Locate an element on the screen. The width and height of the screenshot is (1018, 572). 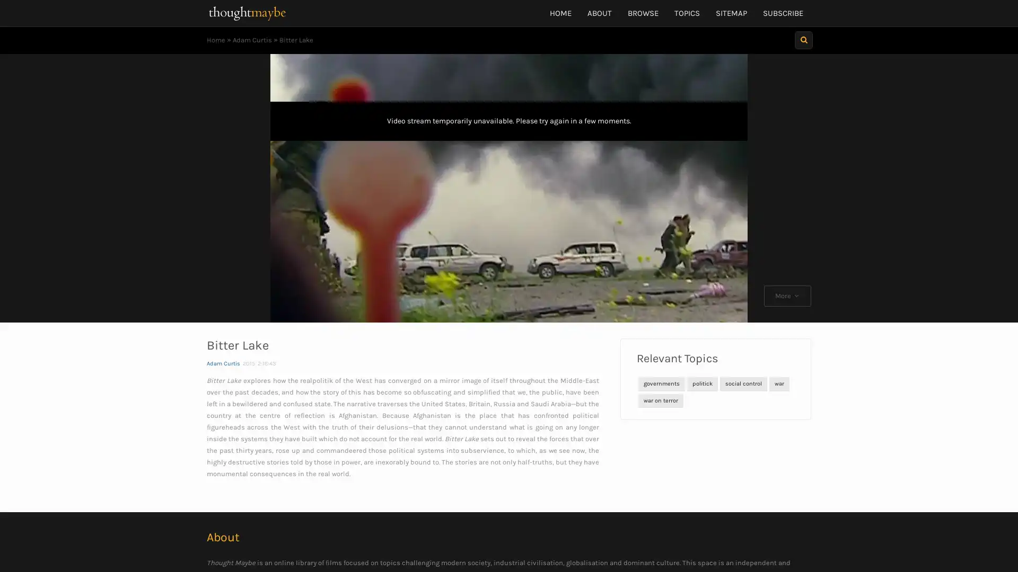
Play is located at coordinates (284, 311).